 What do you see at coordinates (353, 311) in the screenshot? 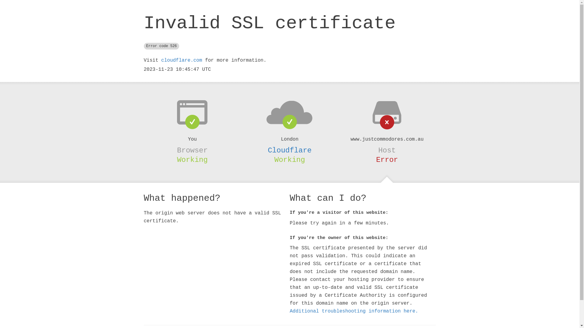
I see `'Additional troubleshooting information here.'` at bounding box center [353, 311].